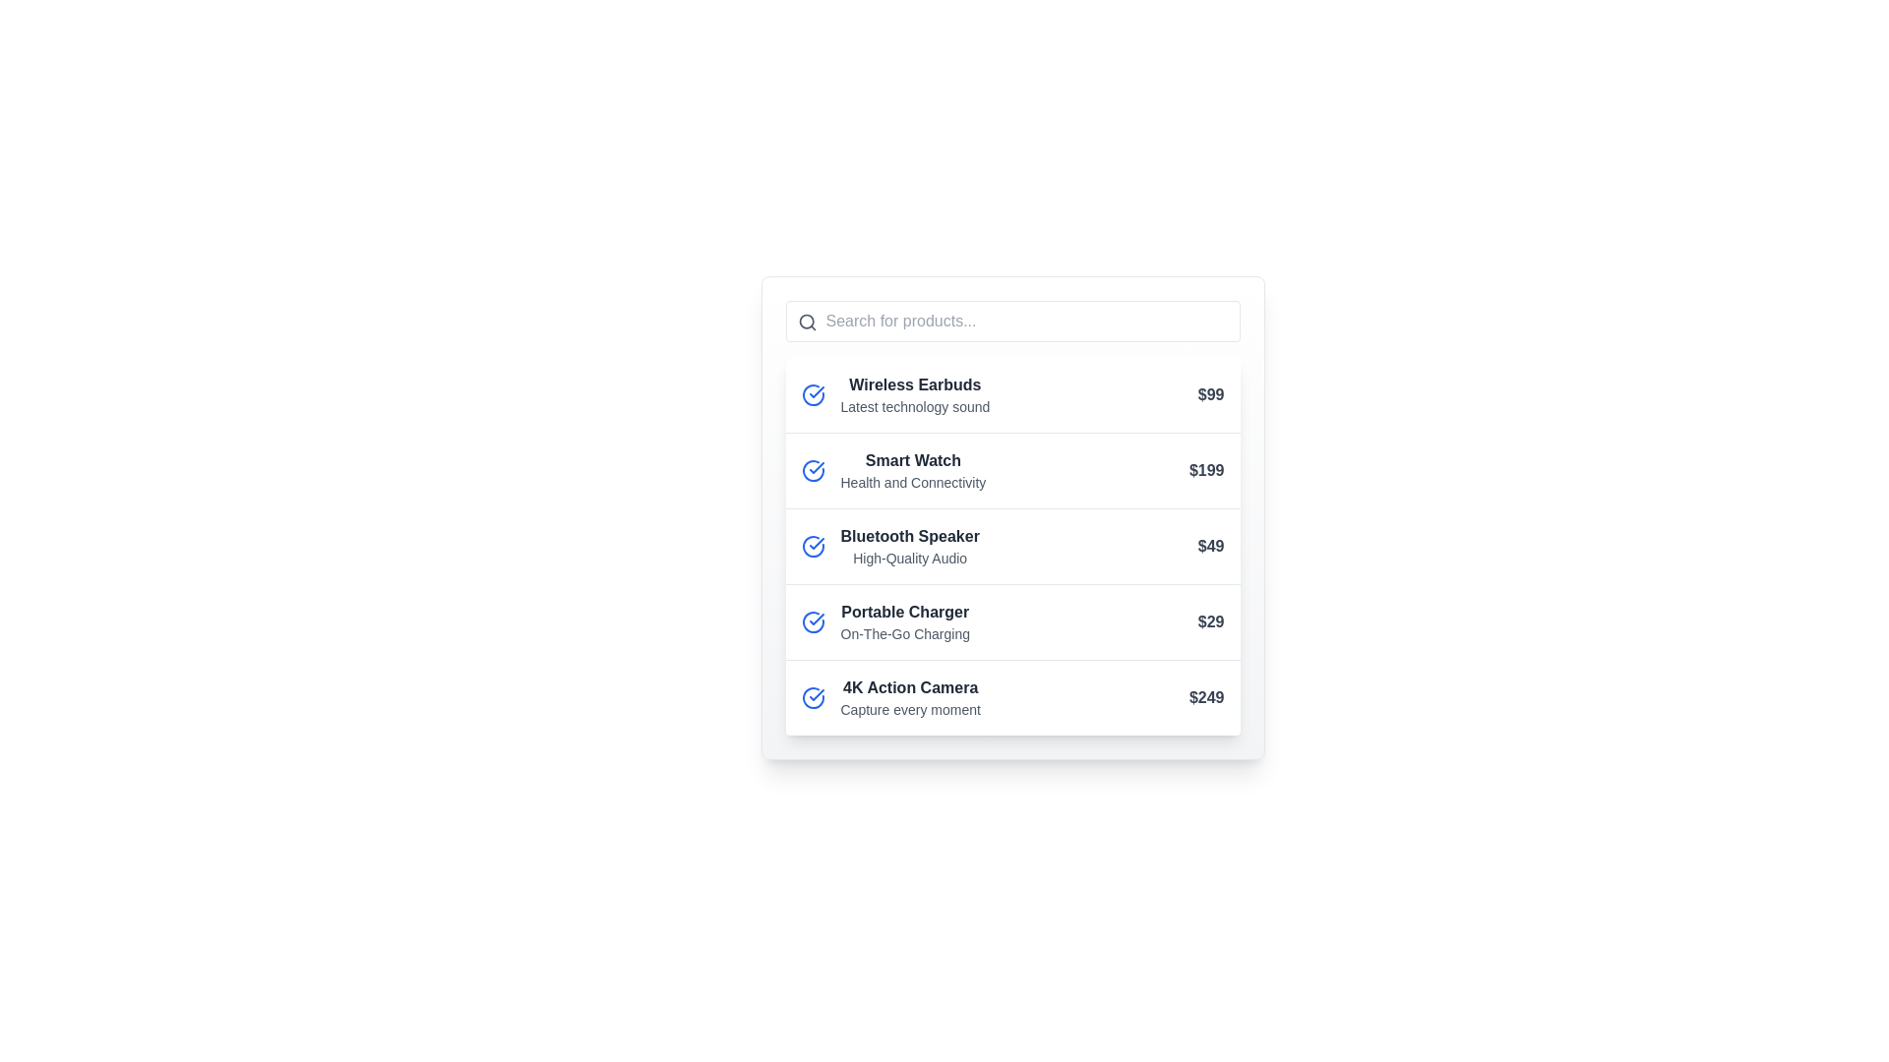 The height and width of the screenshot is (1062, 1889). Describe the element at coordinates (813, 470) in the screenshot. I see `the blue circular checkmark icon located to the left of the product title 'Smart Watch - Health and Connectivity - $199' to possibly trigger a tooltip or visual change` at that location.